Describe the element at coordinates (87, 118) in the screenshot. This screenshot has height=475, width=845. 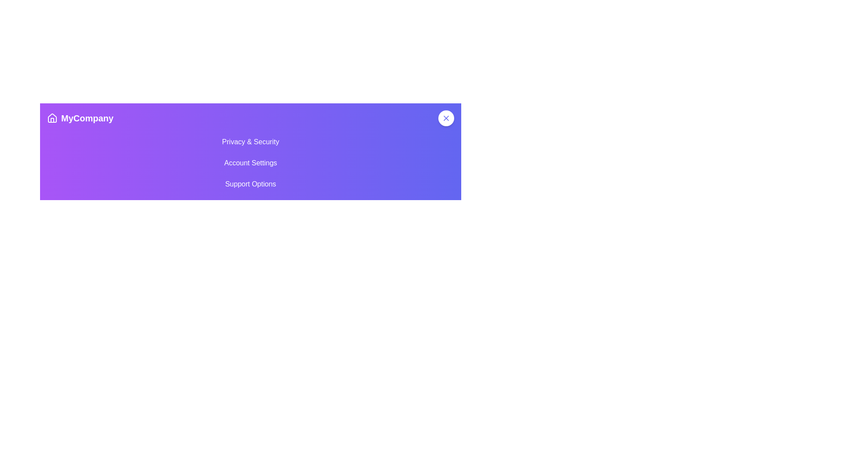
I see `the Text or Label element that identifies the company or application, located to the right of a house icon in a horizontal layout on a purple gradient background` at that location.